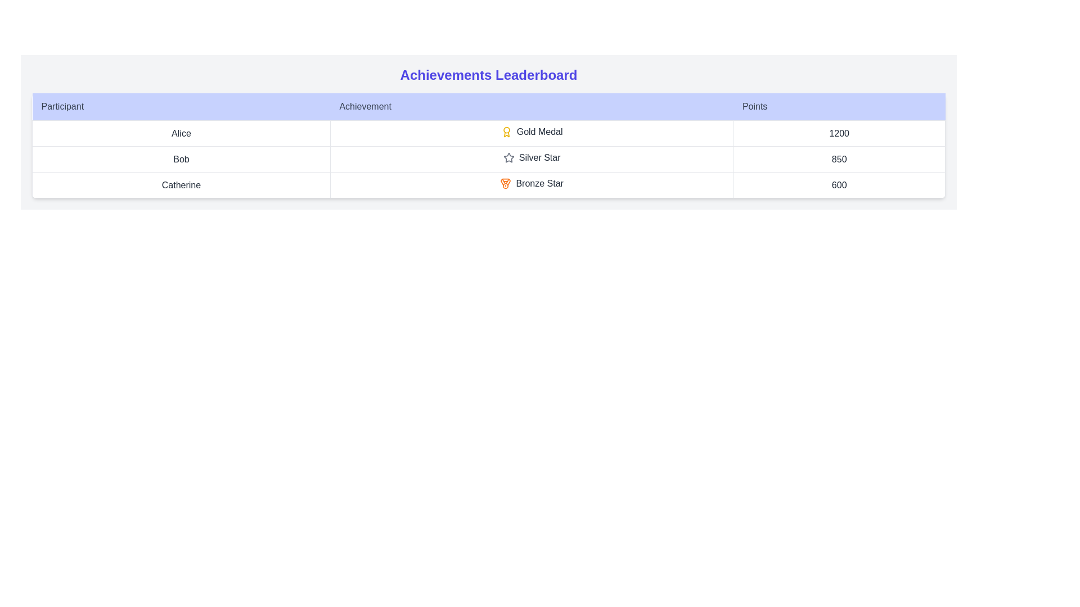 The width and height of the screenshot is (1080, 607). Describe the element at coordinates (181, 159) in the screenshot. I see `the non-interactive label displaying the participant's name 'Bob' located in the second row of the leaderboard table under the 'Participant' header` at that location.